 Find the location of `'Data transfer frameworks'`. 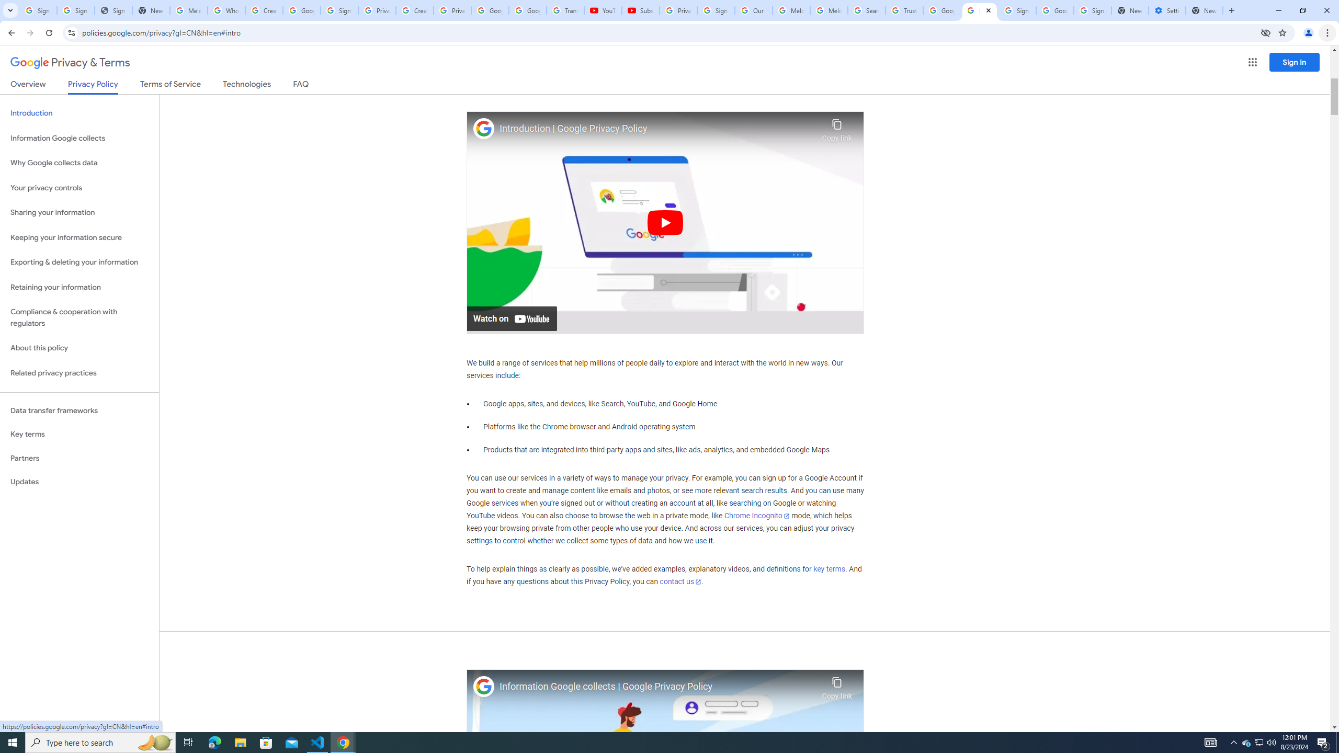

'Data transfer frameworks' is located at coordinates (79, 410).